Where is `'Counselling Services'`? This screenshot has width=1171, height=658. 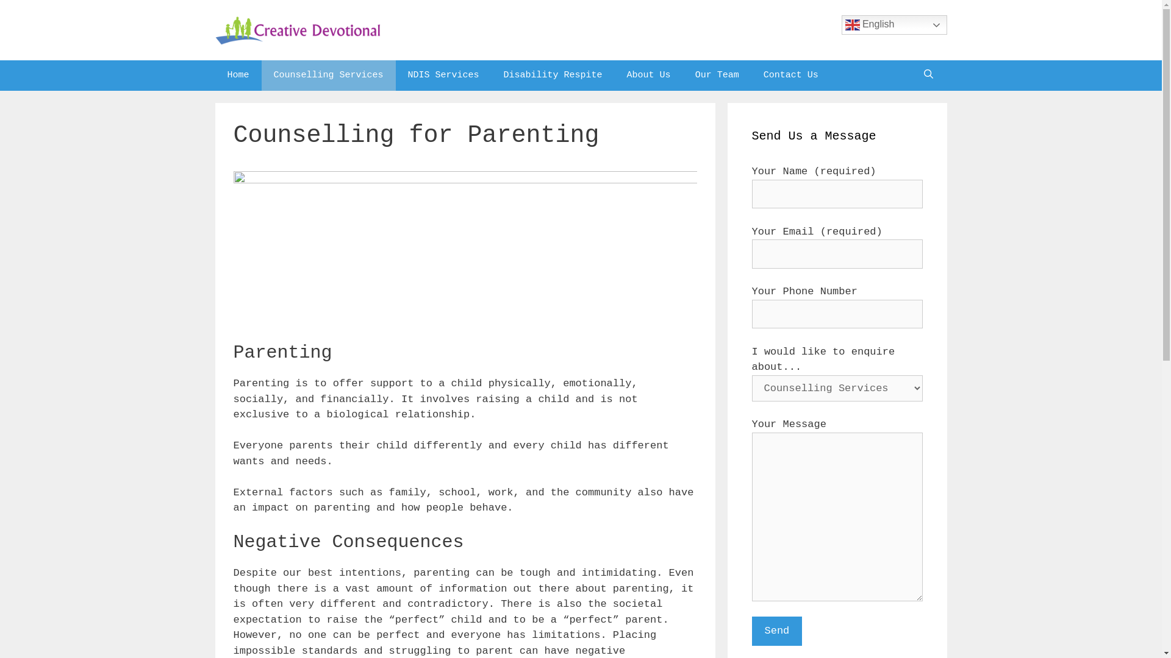
'Counselling Services' is located at coordinates (328, 75).